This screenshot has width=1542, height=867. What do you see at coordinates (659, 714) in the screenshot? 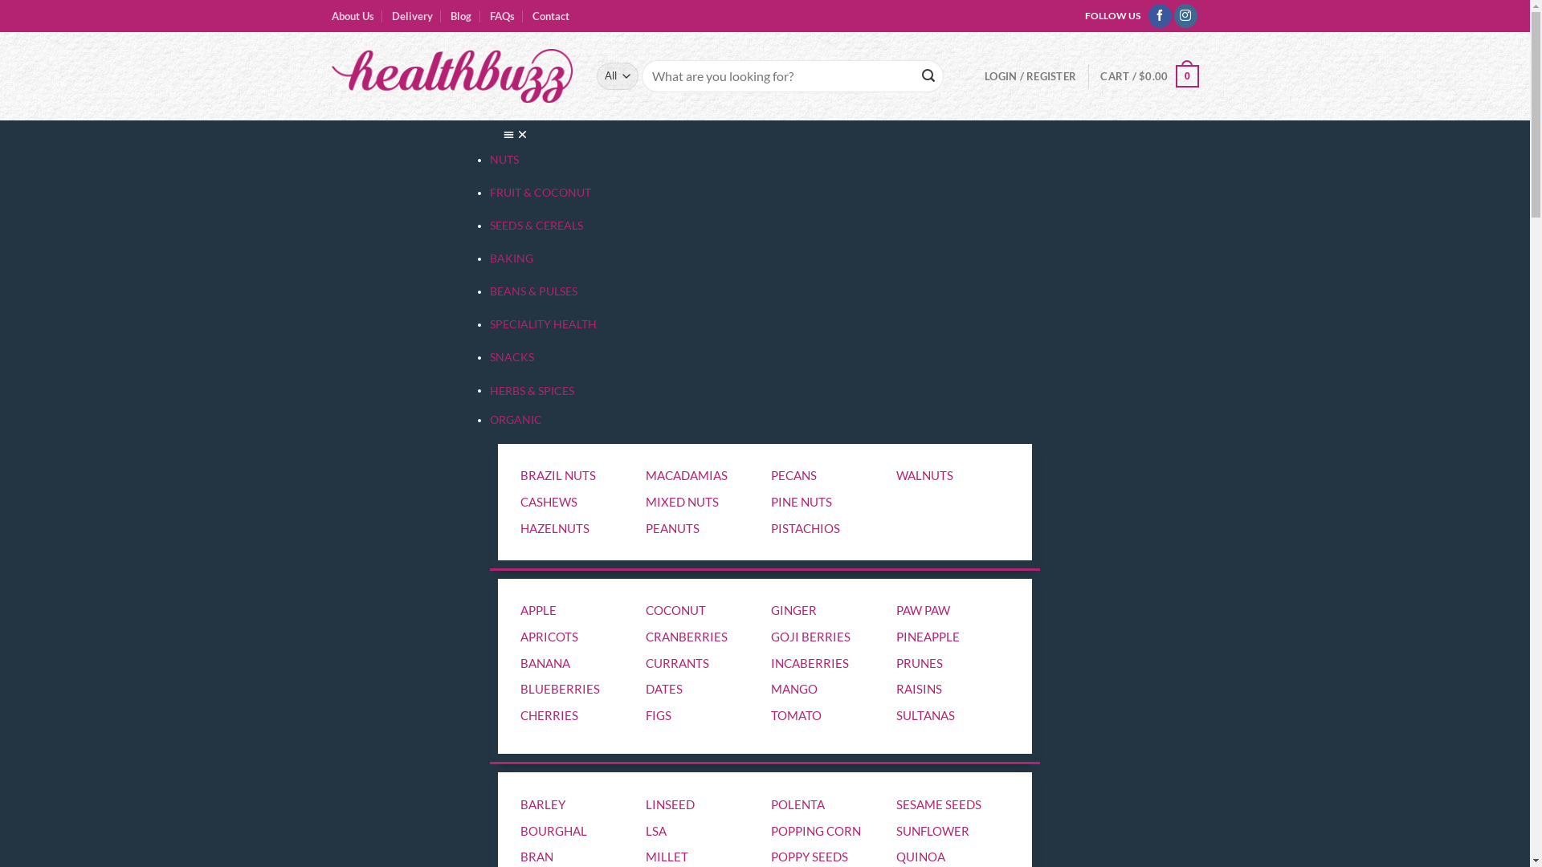
I see `'FIGS'` at bounding box center [659, 714].